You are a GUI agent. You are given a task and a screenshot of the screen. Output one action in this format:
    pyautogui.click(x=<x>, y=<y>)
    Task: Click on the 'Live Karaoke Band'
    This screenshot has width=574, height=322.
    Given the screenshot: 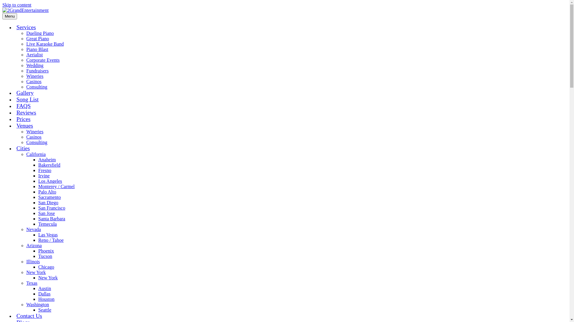 What is the action you would take?
    pyautogui.click(x=45, y=44)
    